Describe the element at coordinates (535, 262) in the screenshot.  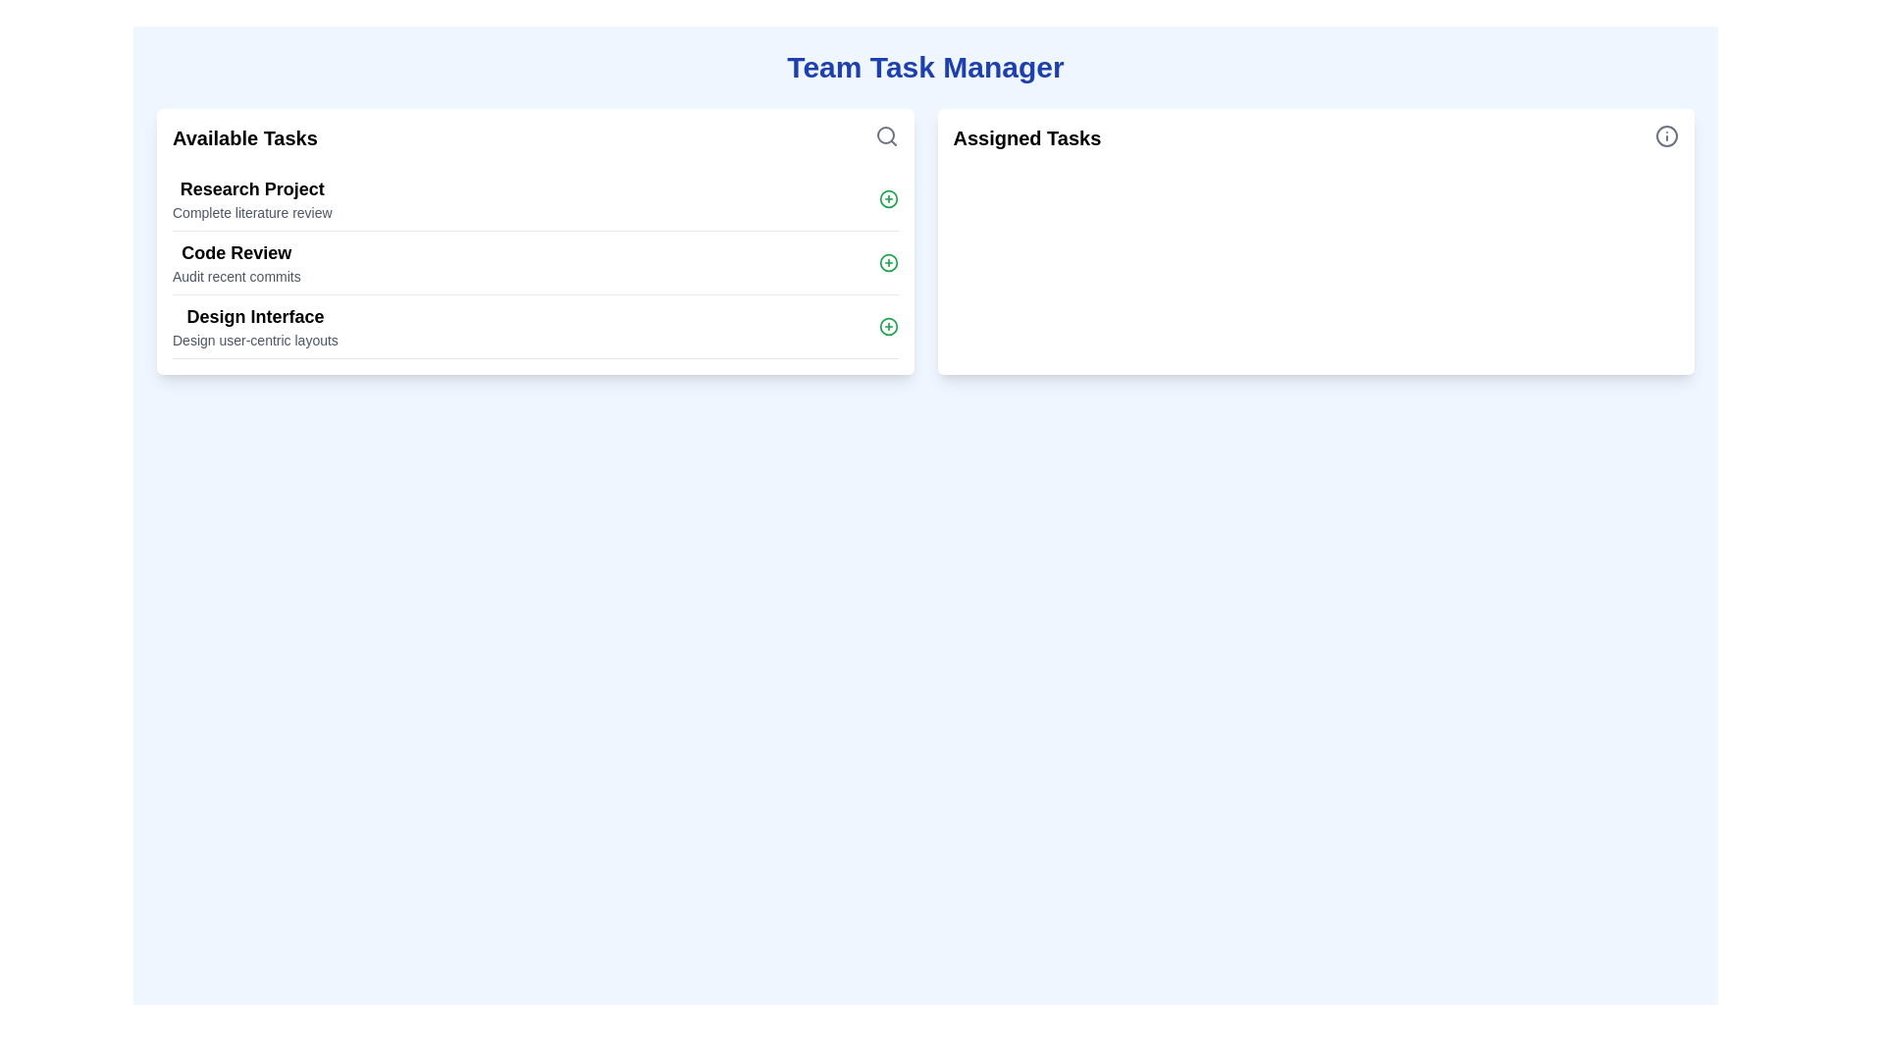
I see `the 'Code Review' task entry in the 'Available Tasks' list` at that location.